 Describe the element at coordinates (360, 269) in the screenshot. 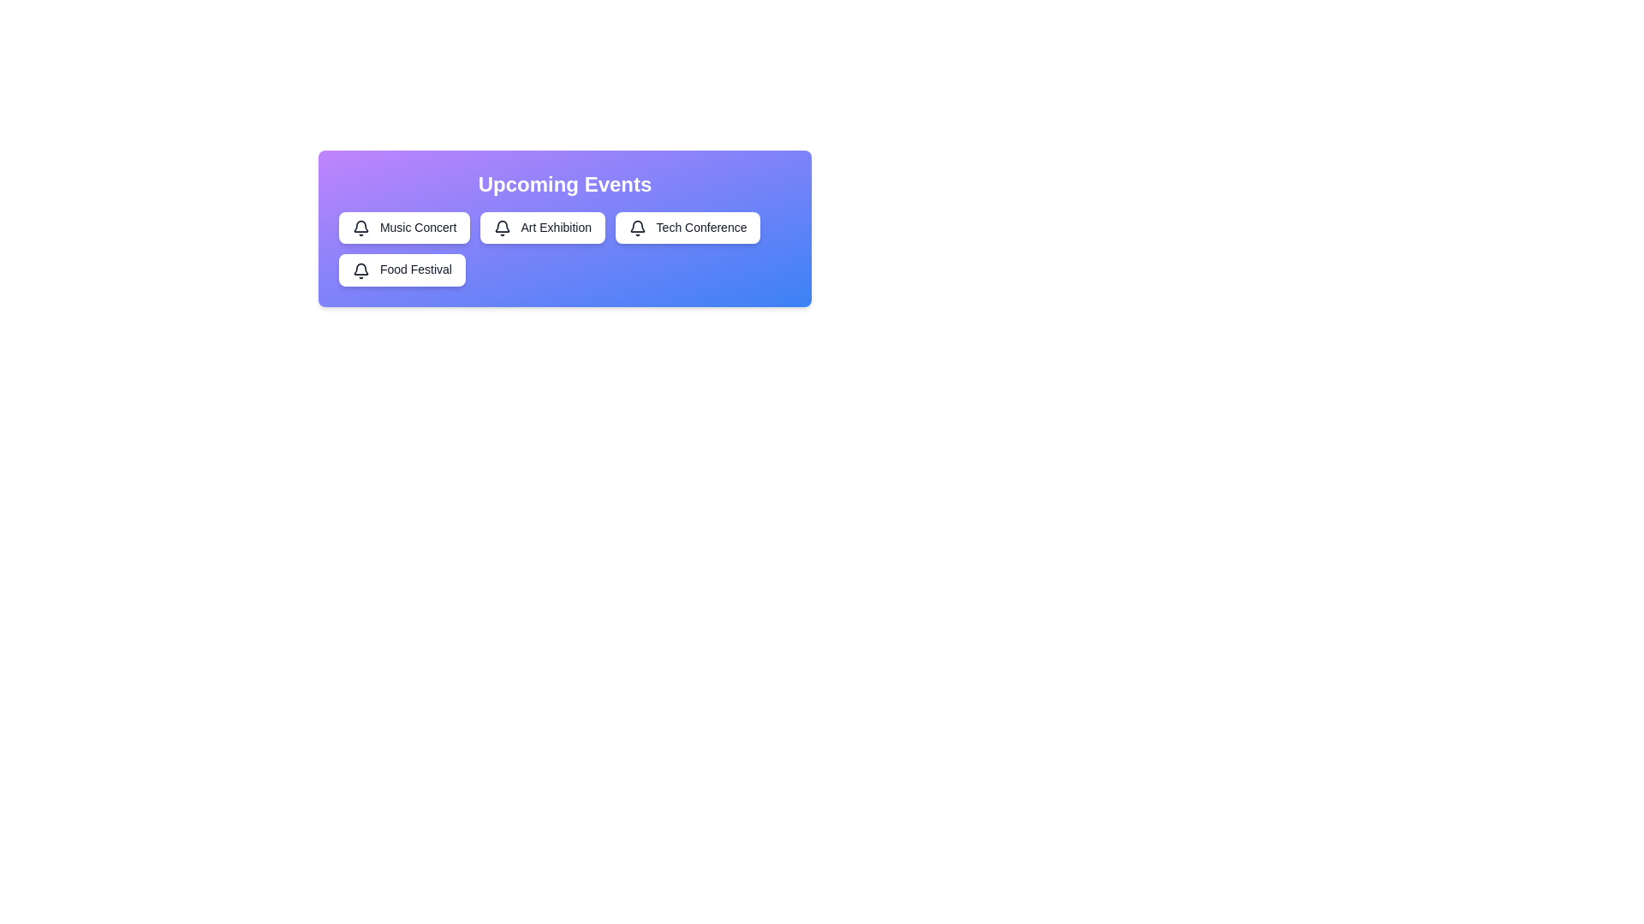

I see `the icon next to the event Food Festival` at that location.